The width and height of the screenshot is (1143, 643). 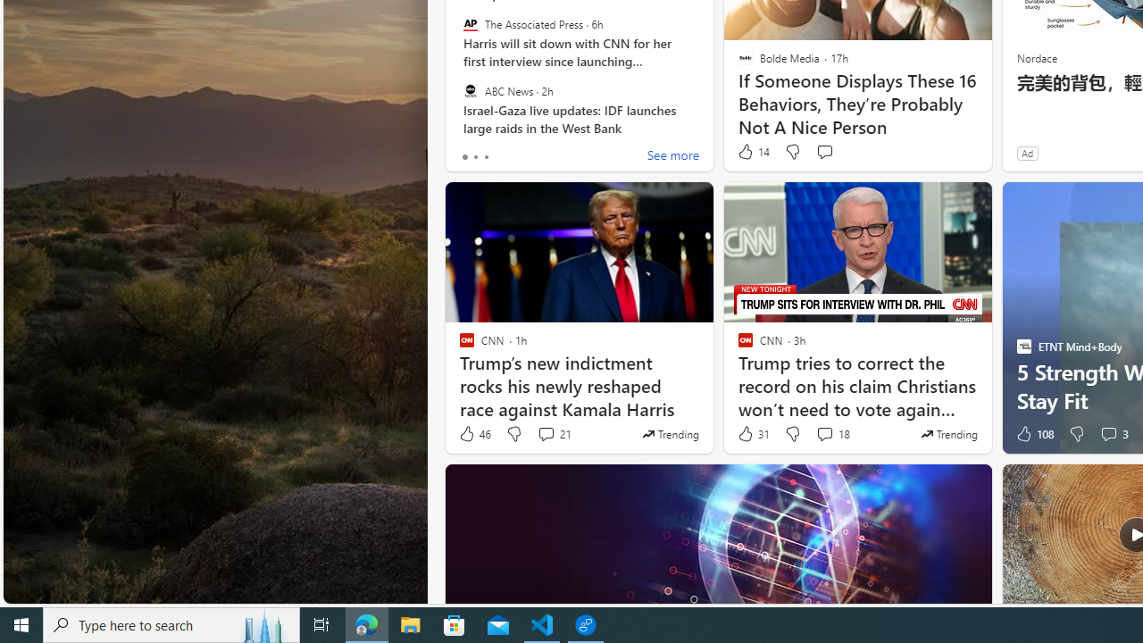 I want to click on '108 Like', so click(x=1033, y=434).